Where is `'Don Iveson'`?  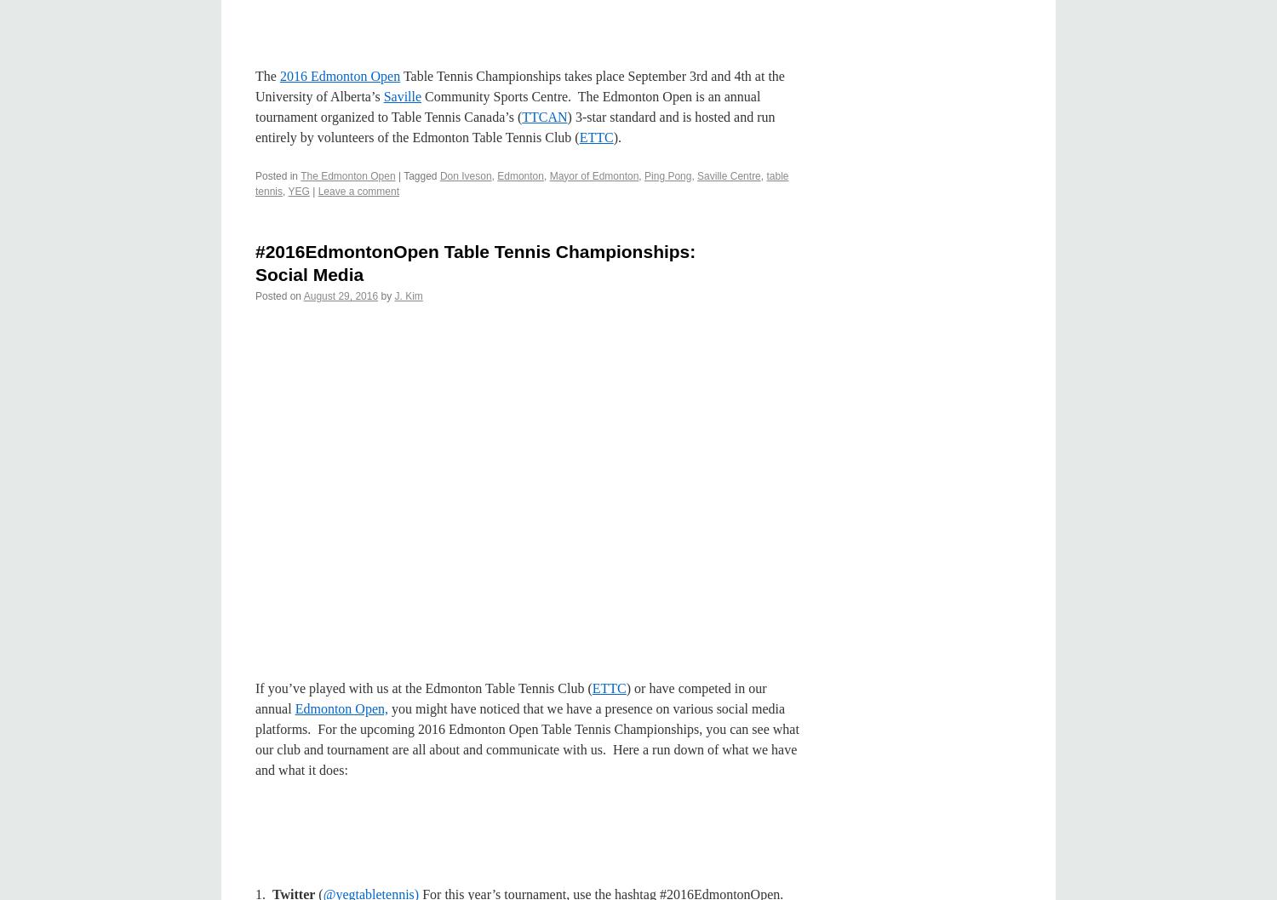 'Don Iveson' is located at coordinates (465, 175).